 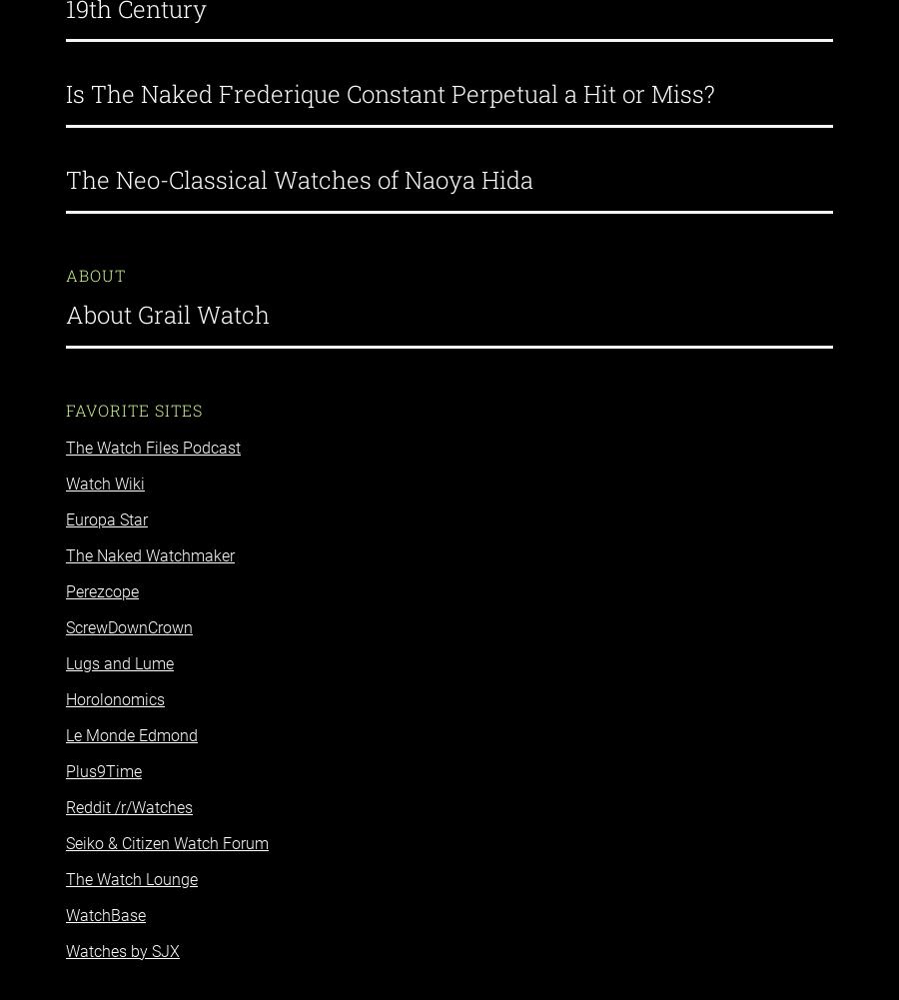 I want to click on 'Is The Naked Frederique Constant Perpetual a Hit or Miss?', so click(x=390, y=75).